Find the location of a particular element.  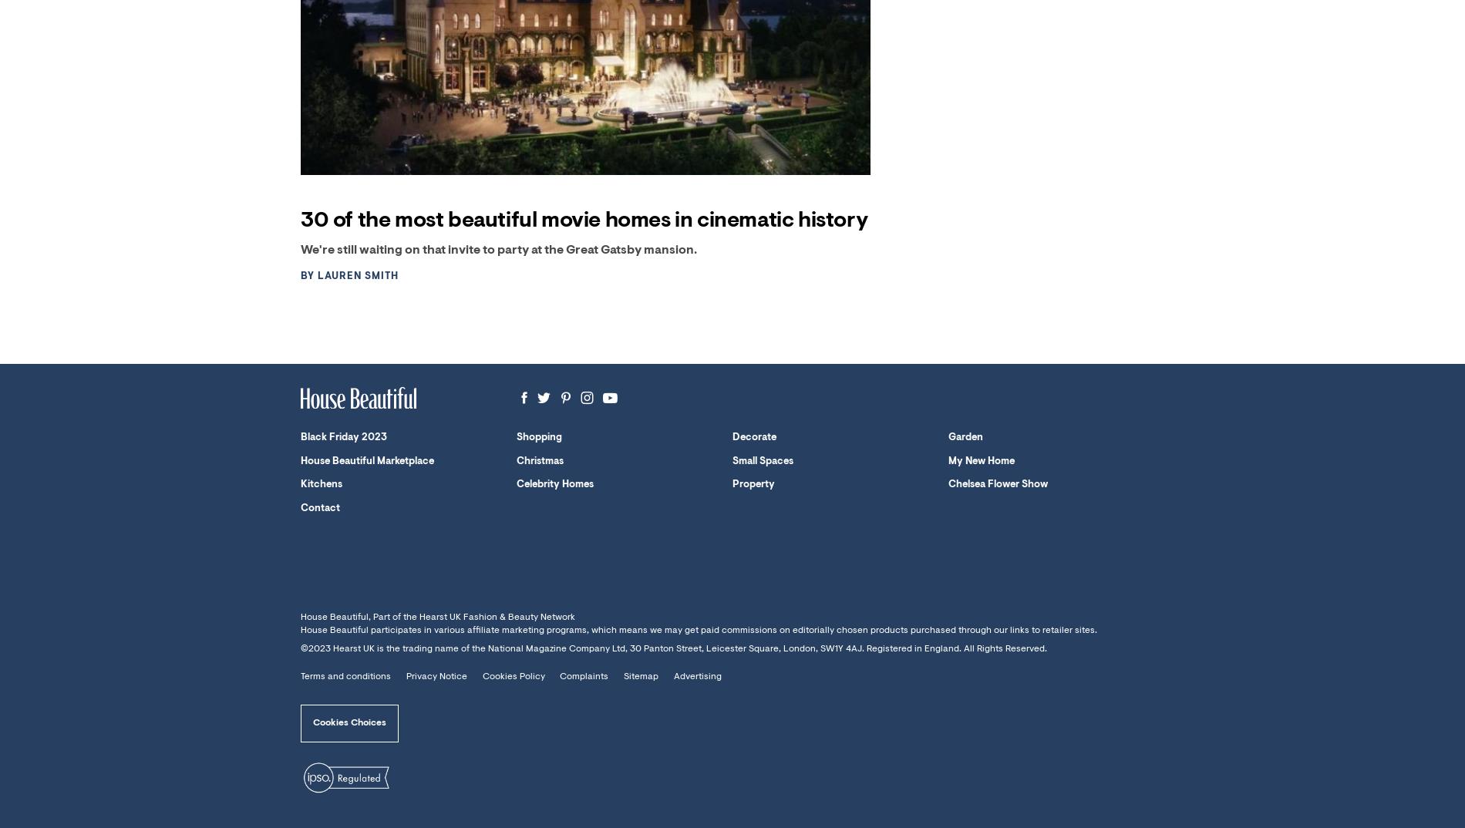

'House Beautiful, Part of the Hearst UK Fashion & Beauty Network' is located at coordinates (437, 616).